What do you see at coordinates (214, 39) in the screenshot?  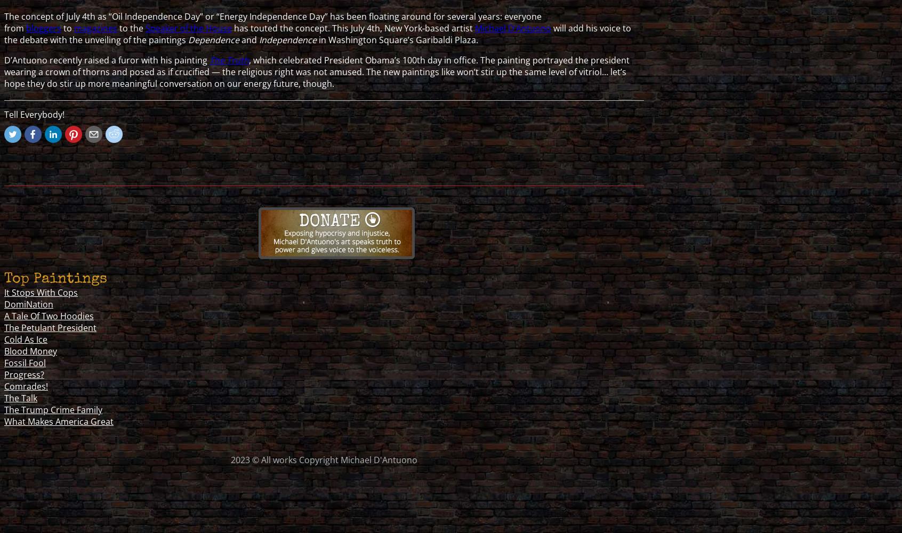 I see `'Dependence'` at bounding box center [214, 39].